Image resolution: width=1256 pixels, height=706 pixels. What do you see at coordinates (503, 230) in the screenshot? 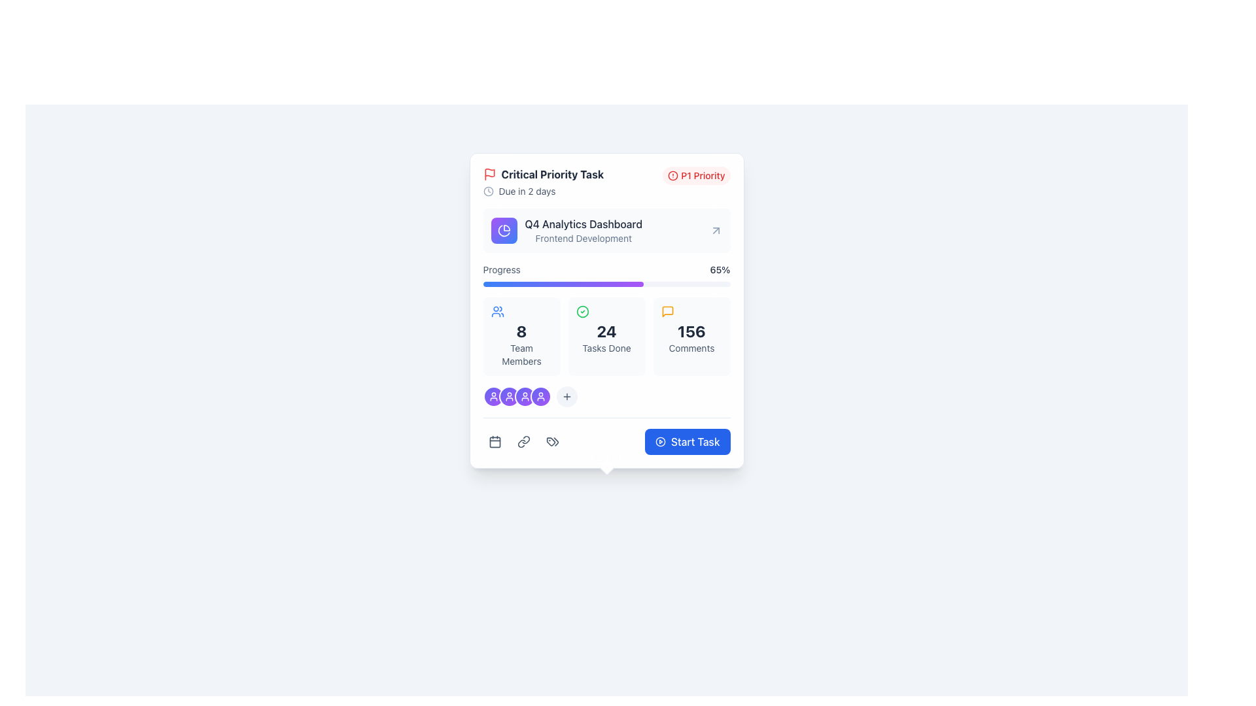
I see `the square-shaped component with a gradient background transitioning from purple to blue, which contains a white pie chart icon at its center, located within the 'Q4 Analytics Dashboard' card to interact with the associated dashboard` at bounding box center [503, 230].